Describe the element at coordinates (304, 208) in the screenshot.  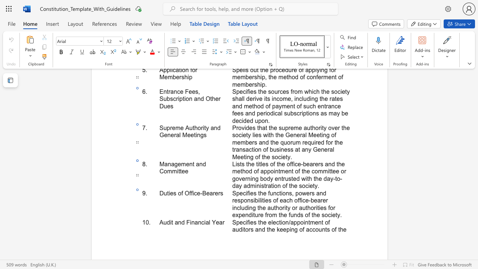
I see `the 4th character "u" in the text` at that location.